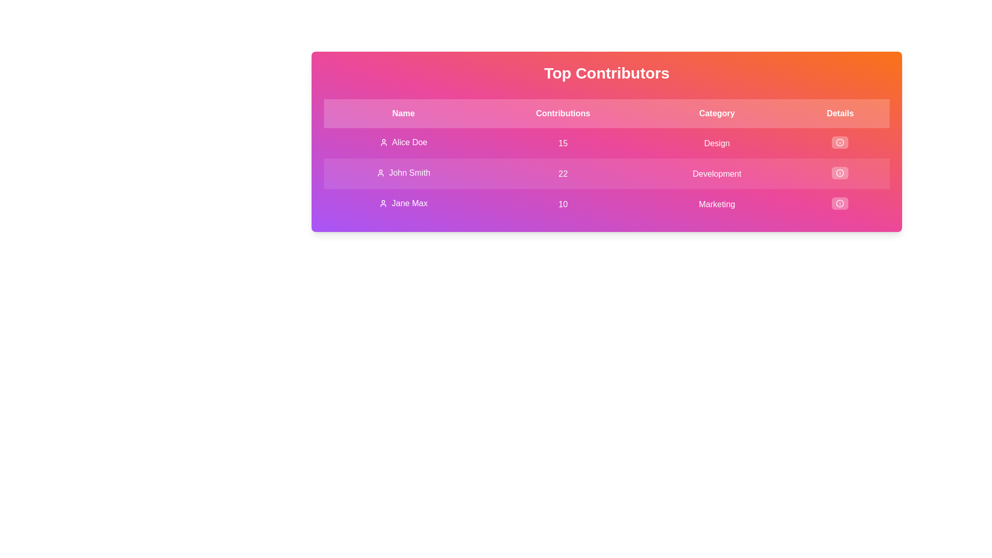 The width and height of the screenshot is (992, 558). I want to click on the circular information icon button within the pink translucent button located in the 'Details' column of the last row corresponding to 'Jane Max' in the table, so click(840, 204).